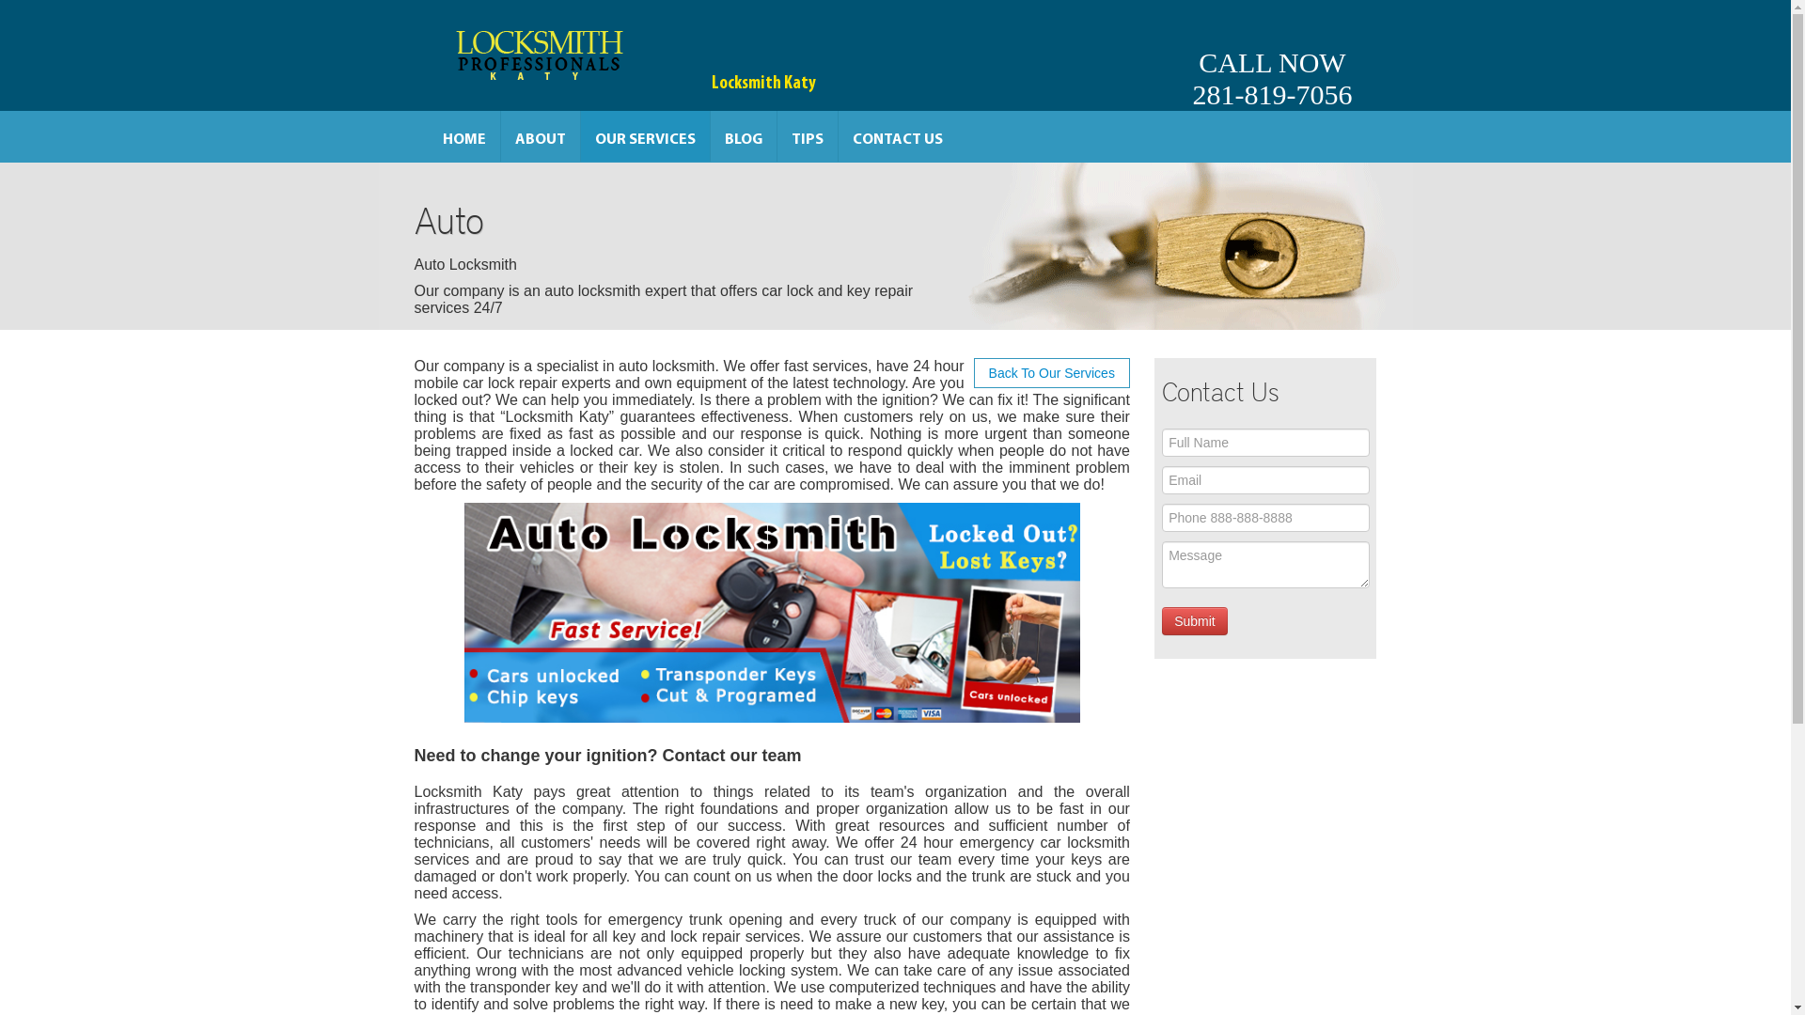  I want to click on 'CONTACT US', so click(897, 135).